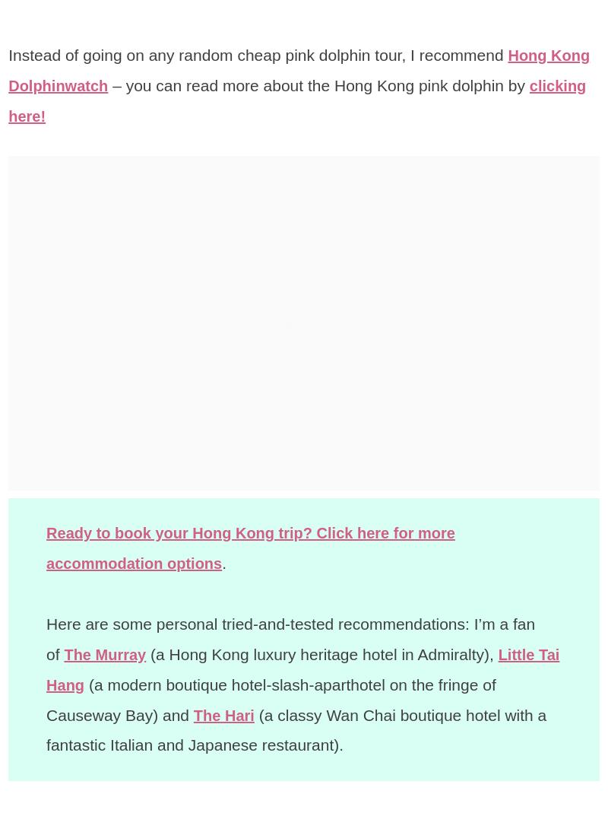 The height and width of the screenshot is (813, 608). I want to click on 'Instead of going on any random cheap pink dolphin tour, I recommend', so click(258, 54).